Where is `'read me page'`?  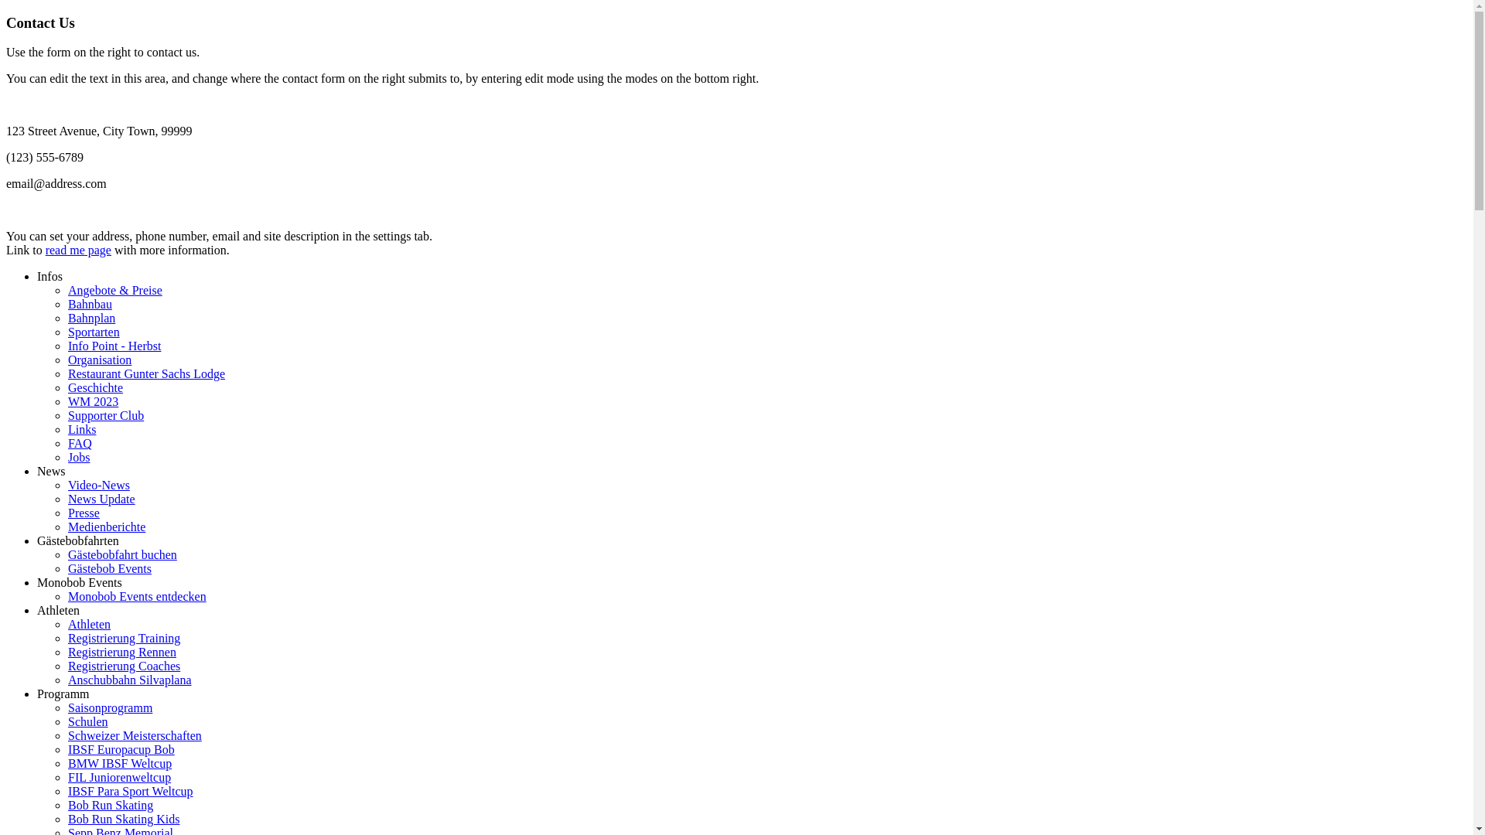
'read me page' is located at coordinates (45, 249).